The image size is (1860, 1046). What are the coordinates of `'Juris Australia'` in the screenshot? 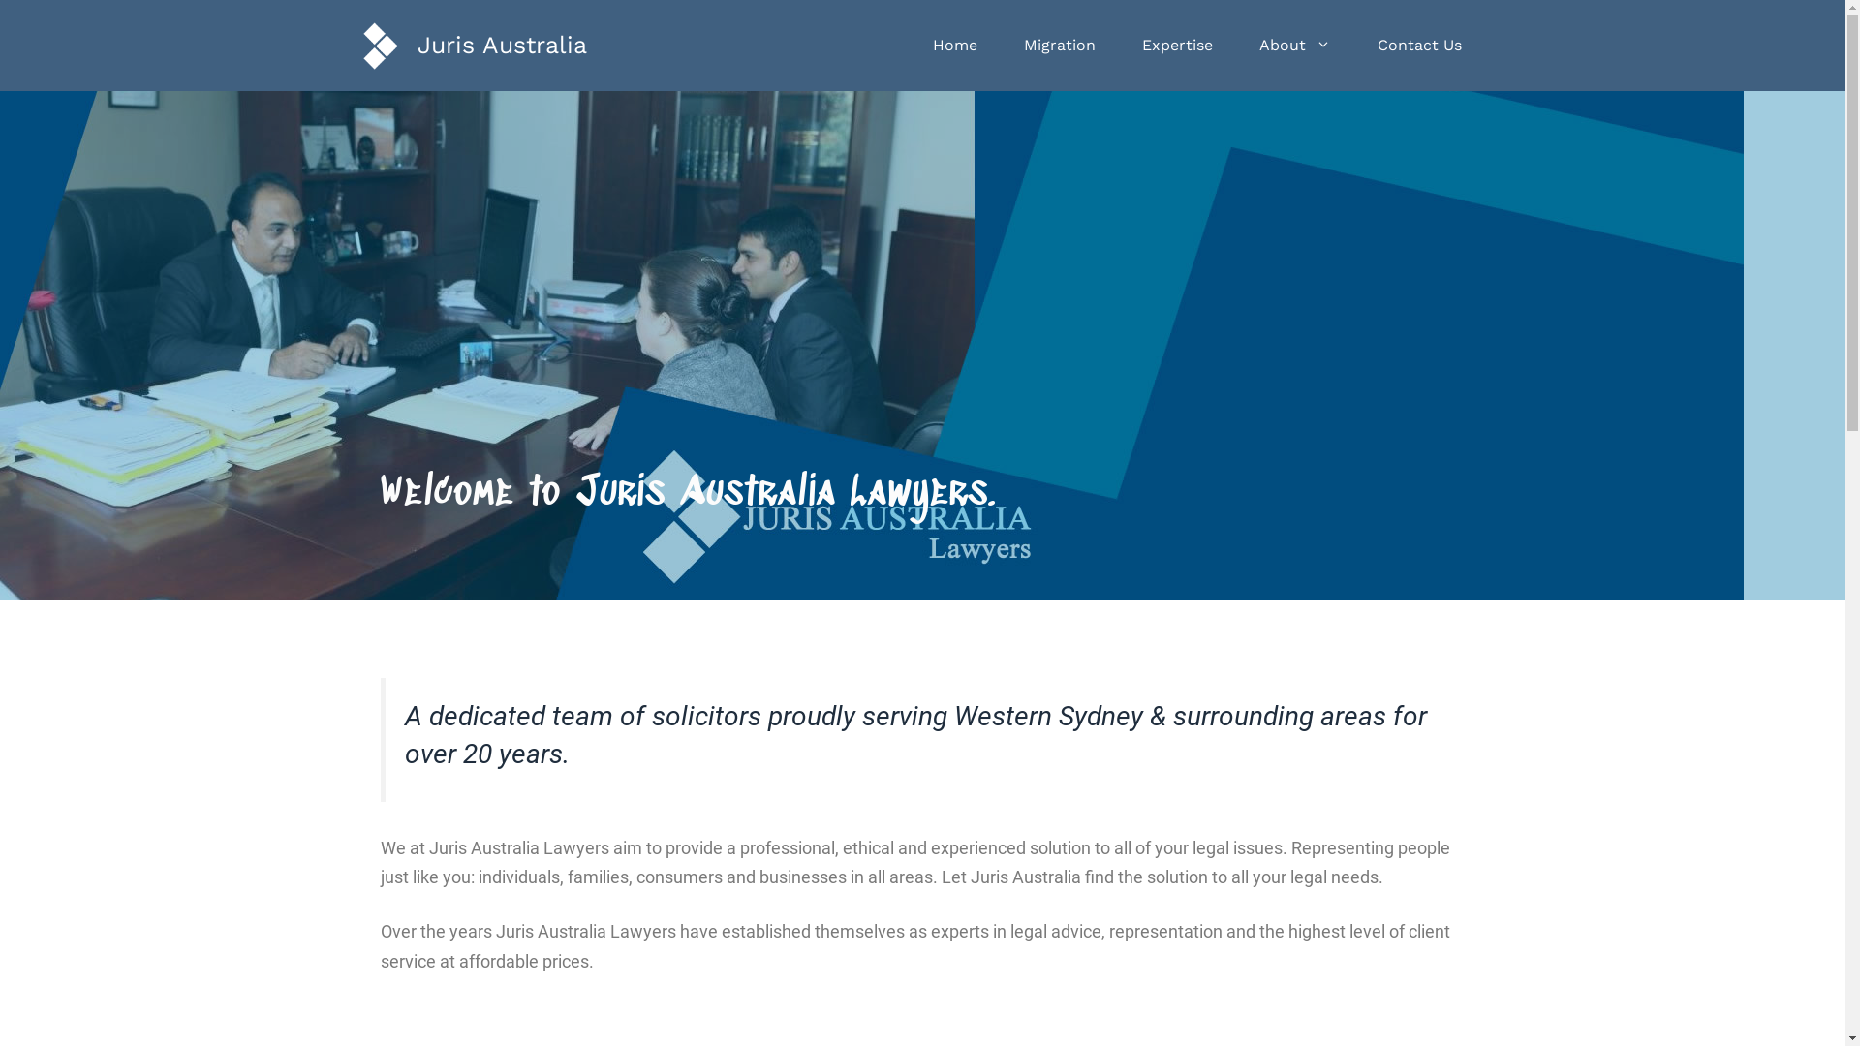 It's located at (501, 44).